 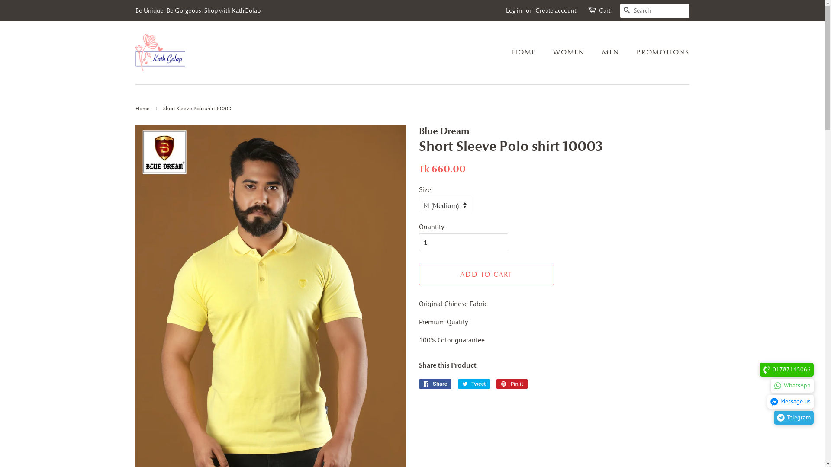 I want to click on 'Pin it, so click(x=512, y=383).